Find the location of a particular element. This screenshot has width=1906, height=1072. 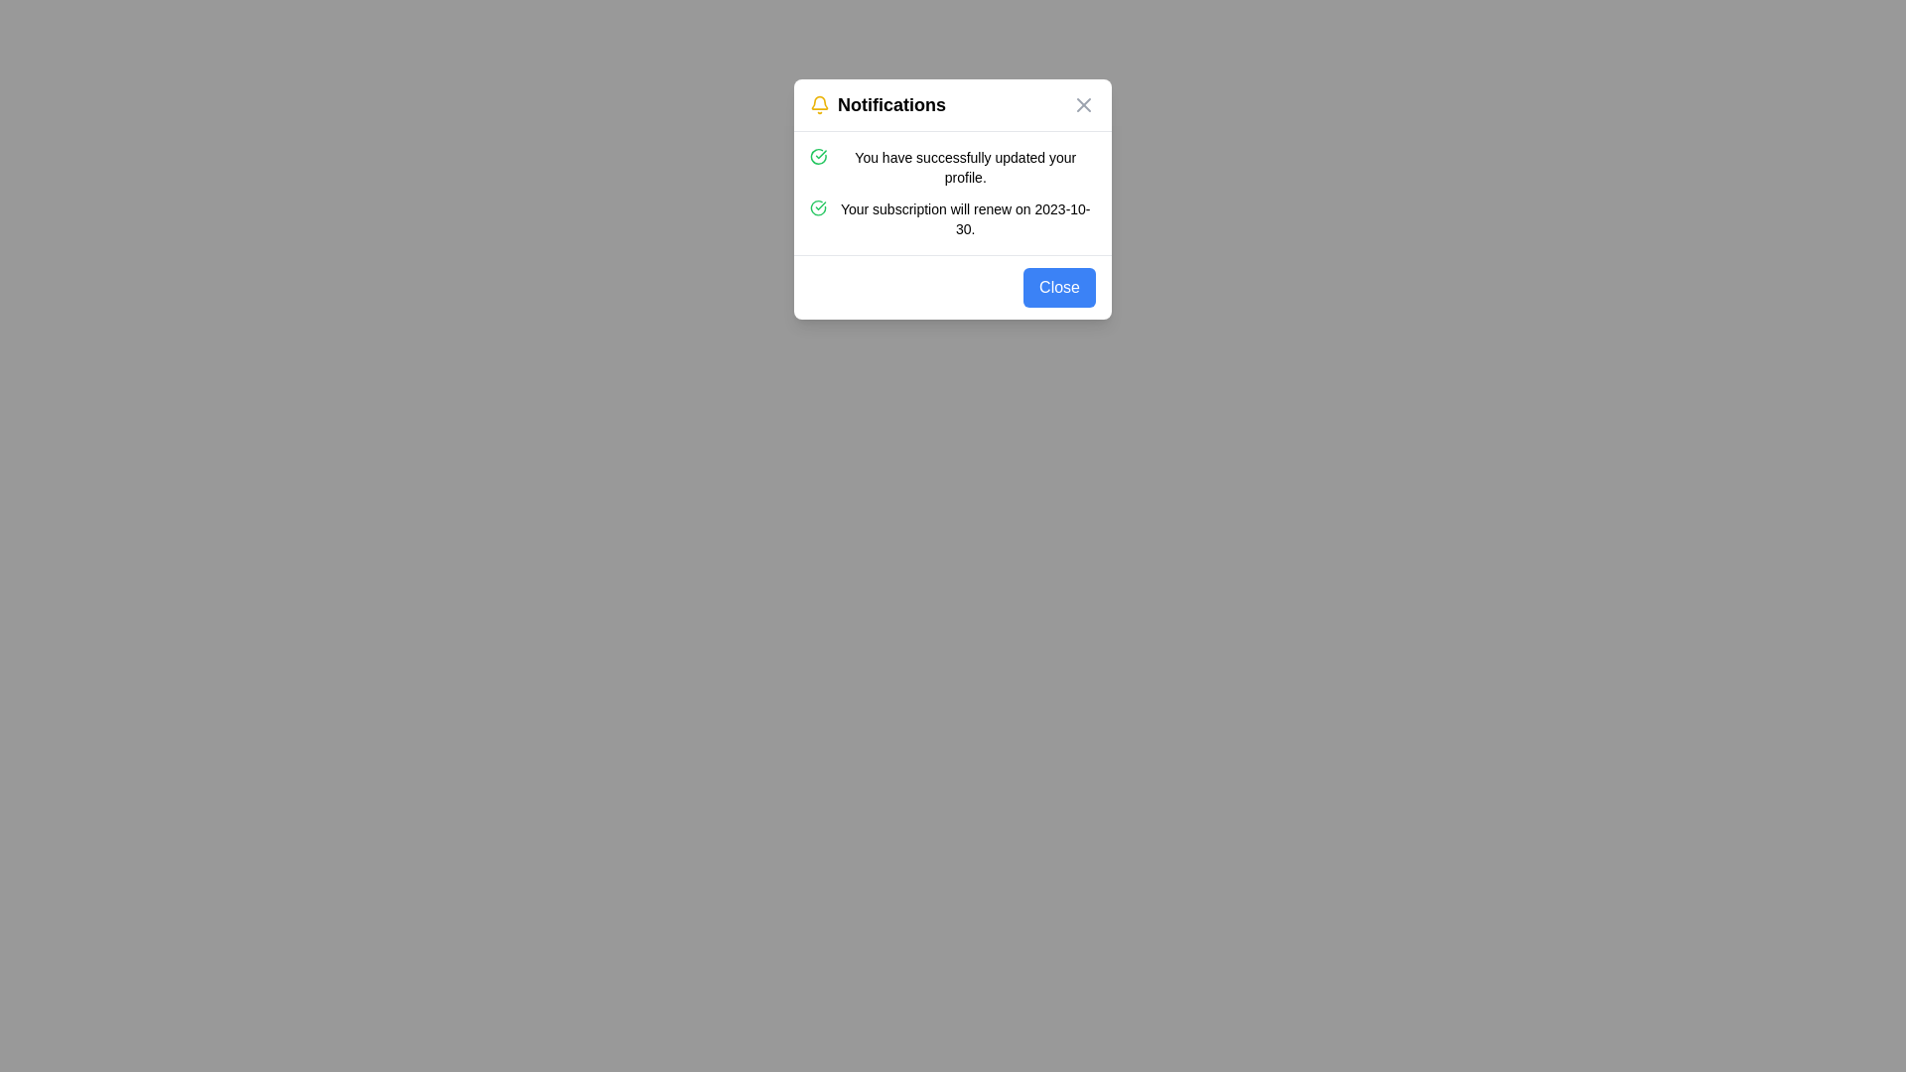

the green checkmark icon that indicates successful completion of an action is located at coordinates (818, 156).